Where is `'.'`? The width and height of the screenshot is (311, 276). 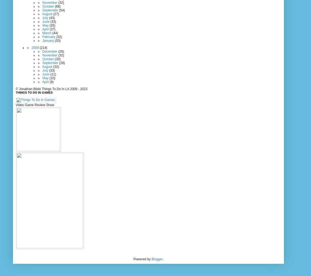 '.' is located at coordinates (163, 259).